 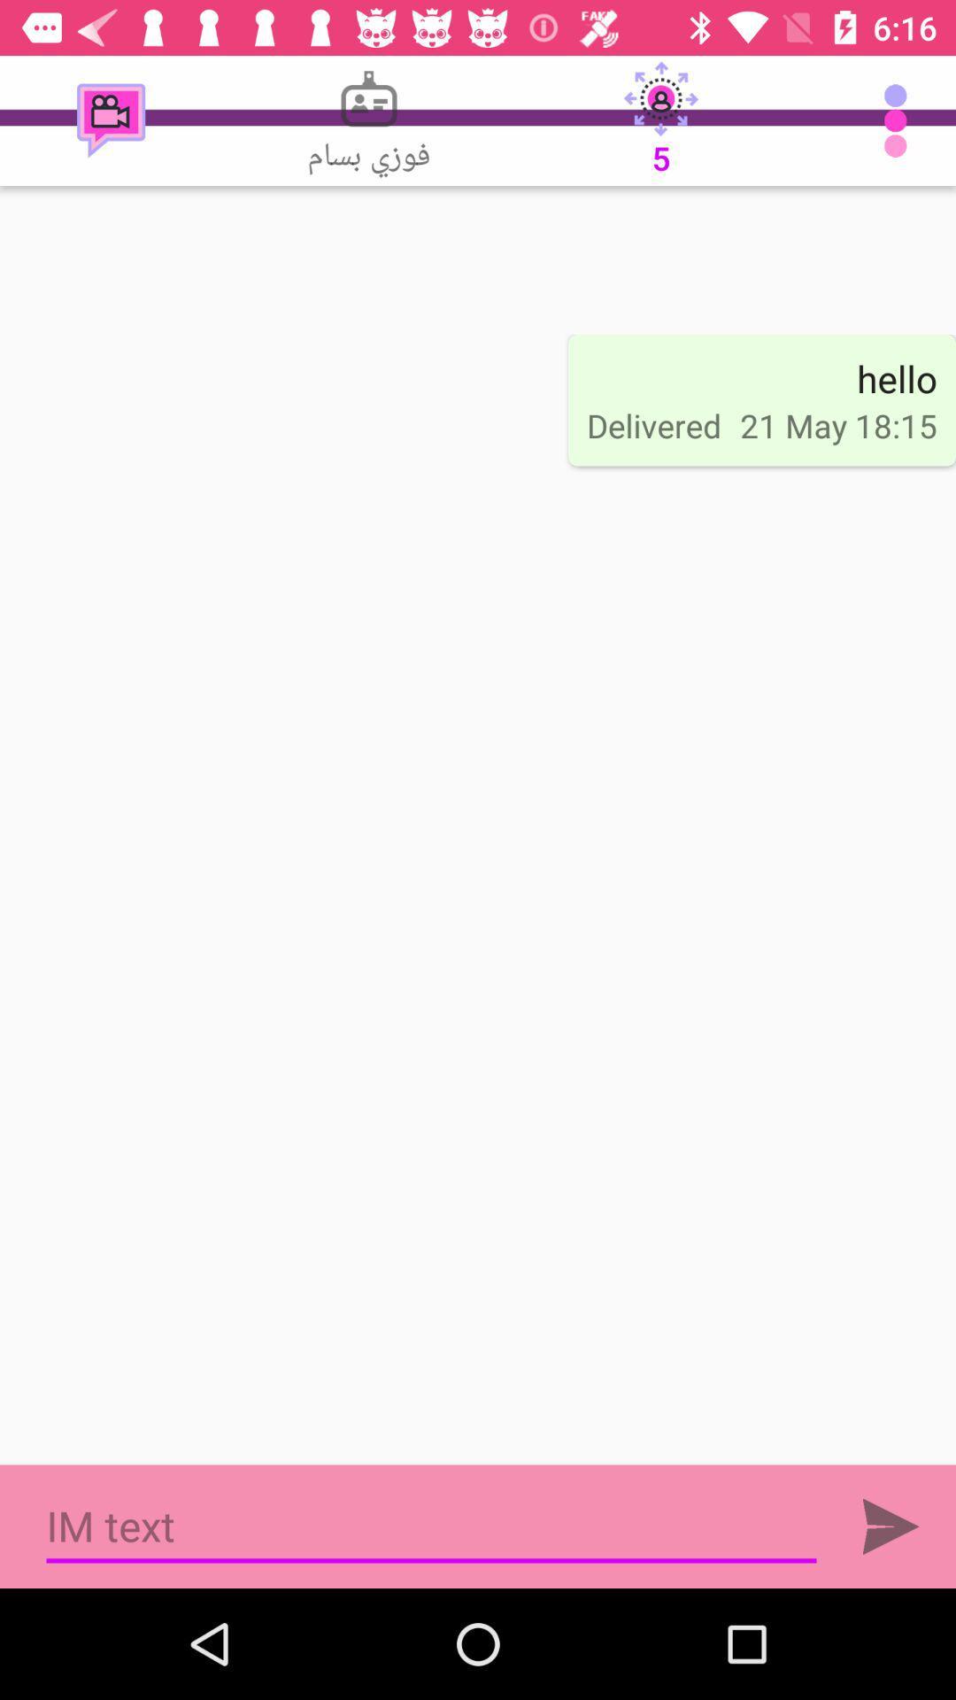 I want to click on hello icon, so click(x=897, y=377).